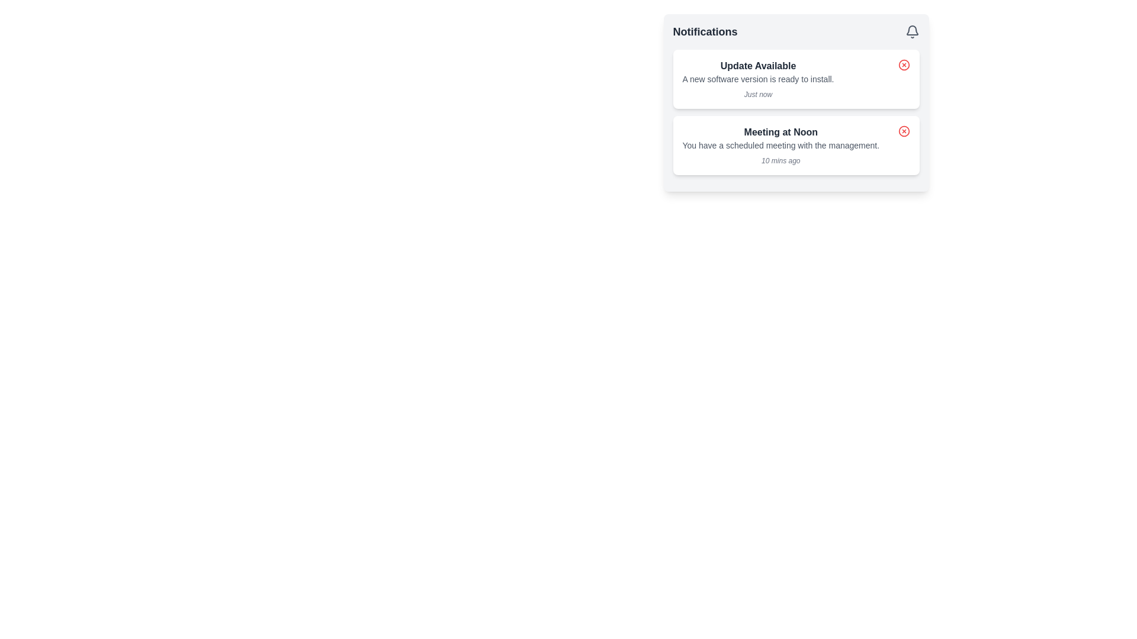 The height and width of the screenshot is (639, 1137). What do you see at coordinates (758, 93) in the screenshot?
I see `the static text label displaying the time of the notification under the 'Update Available' heading in the first notification card` at bounding box center [758, 93].